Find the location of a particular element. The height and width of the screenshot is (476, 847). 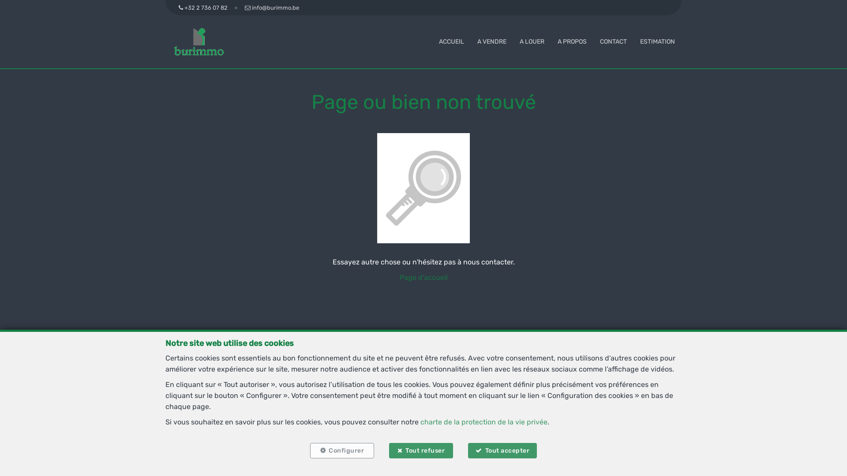

'ACCUEIL' is located at coordinates (438, 41).